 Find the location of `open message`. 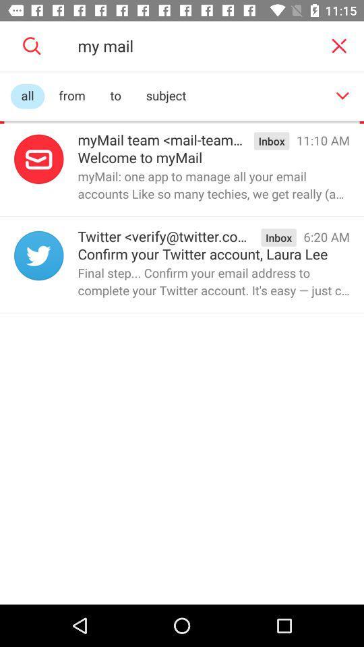

open message is located at coordinates (38, 255).